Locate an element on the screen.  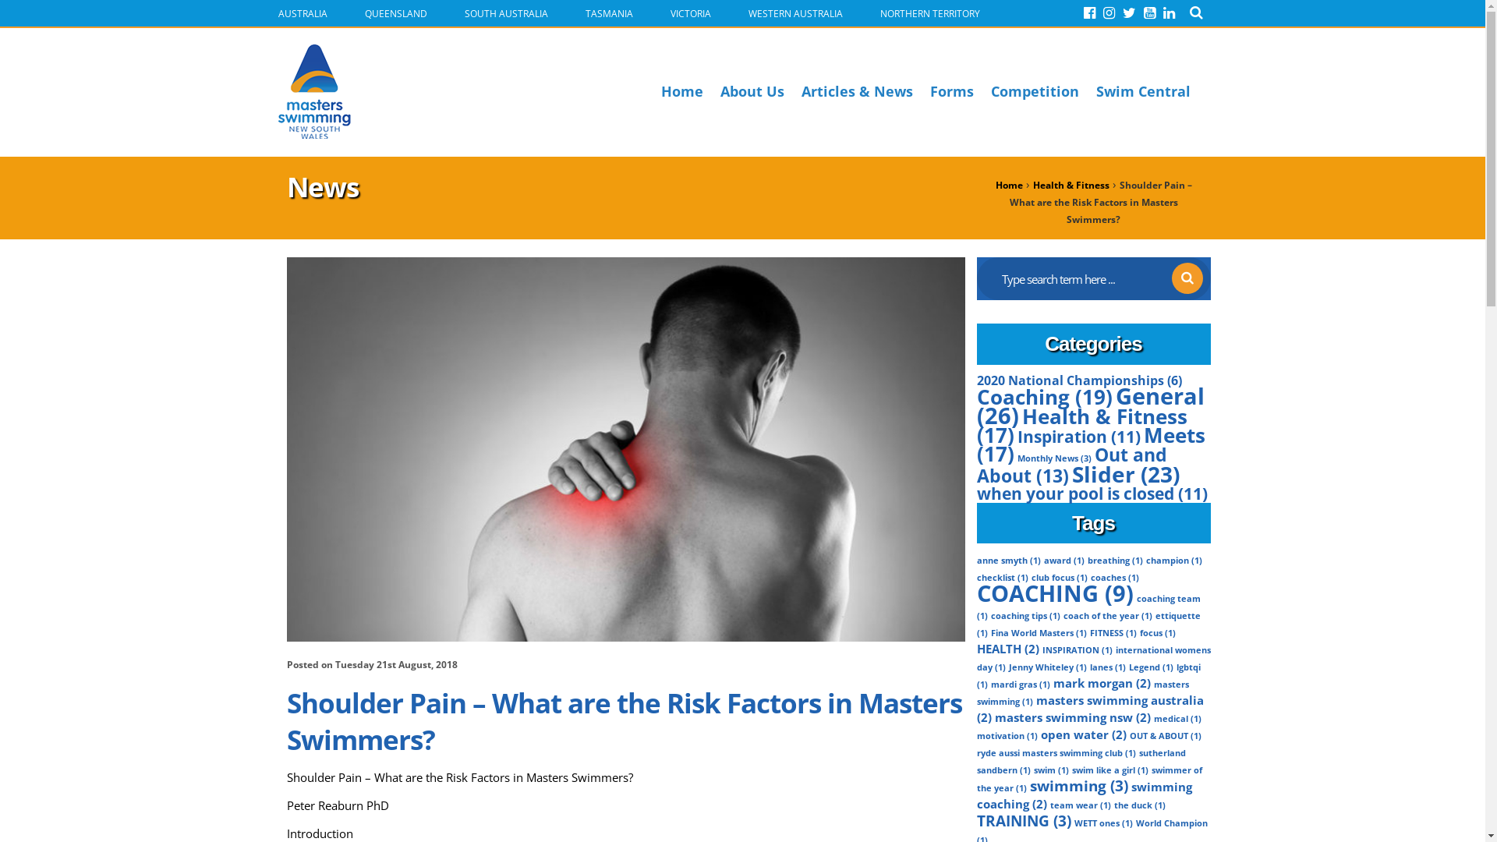
'NORTHERN TERRITORY' is located at coordinates (928, 12).